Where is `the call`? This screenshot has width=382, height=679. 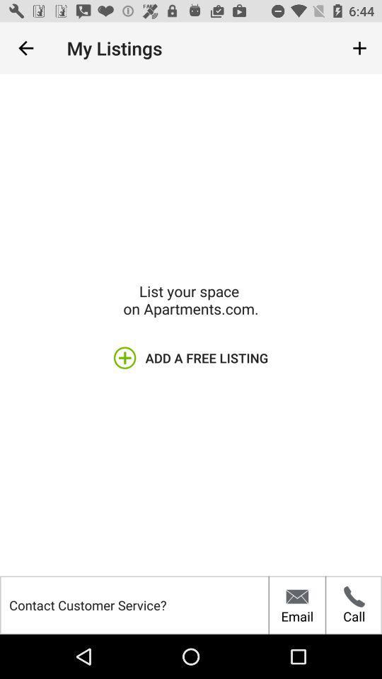
the call is located at coordinates (353, 604).